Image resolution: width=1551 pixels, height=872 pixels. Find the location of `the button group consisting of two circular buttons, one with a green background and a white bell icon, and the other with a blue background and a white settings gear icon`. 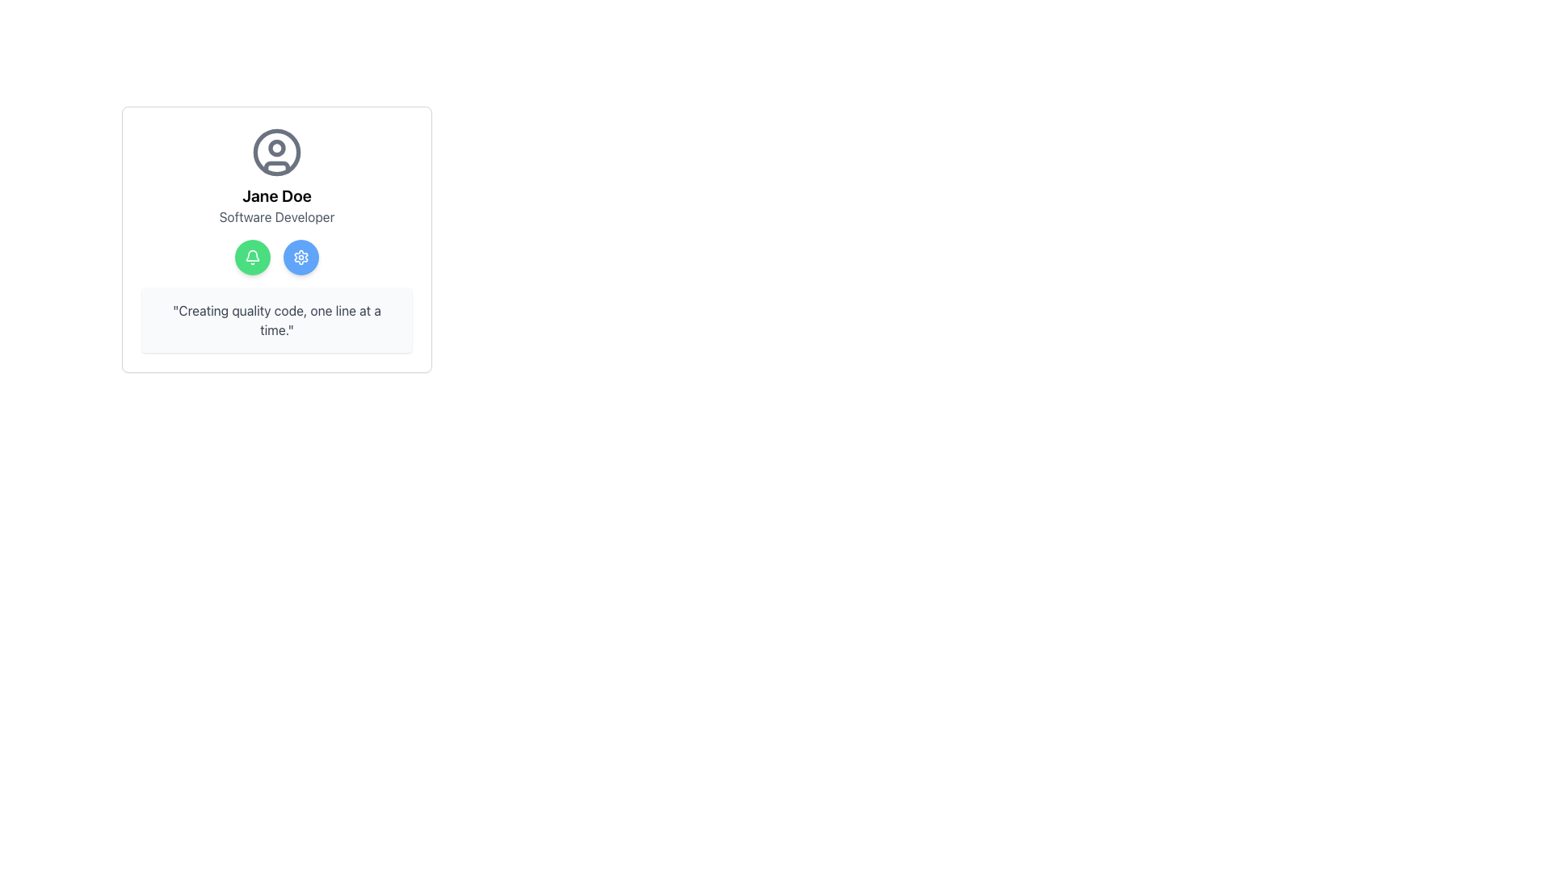

the button group consisting of two circular buttons, one with a green background and a white bell icon, and the other with a blue background and a white settings gear icon is located at coordinates (276, 257).